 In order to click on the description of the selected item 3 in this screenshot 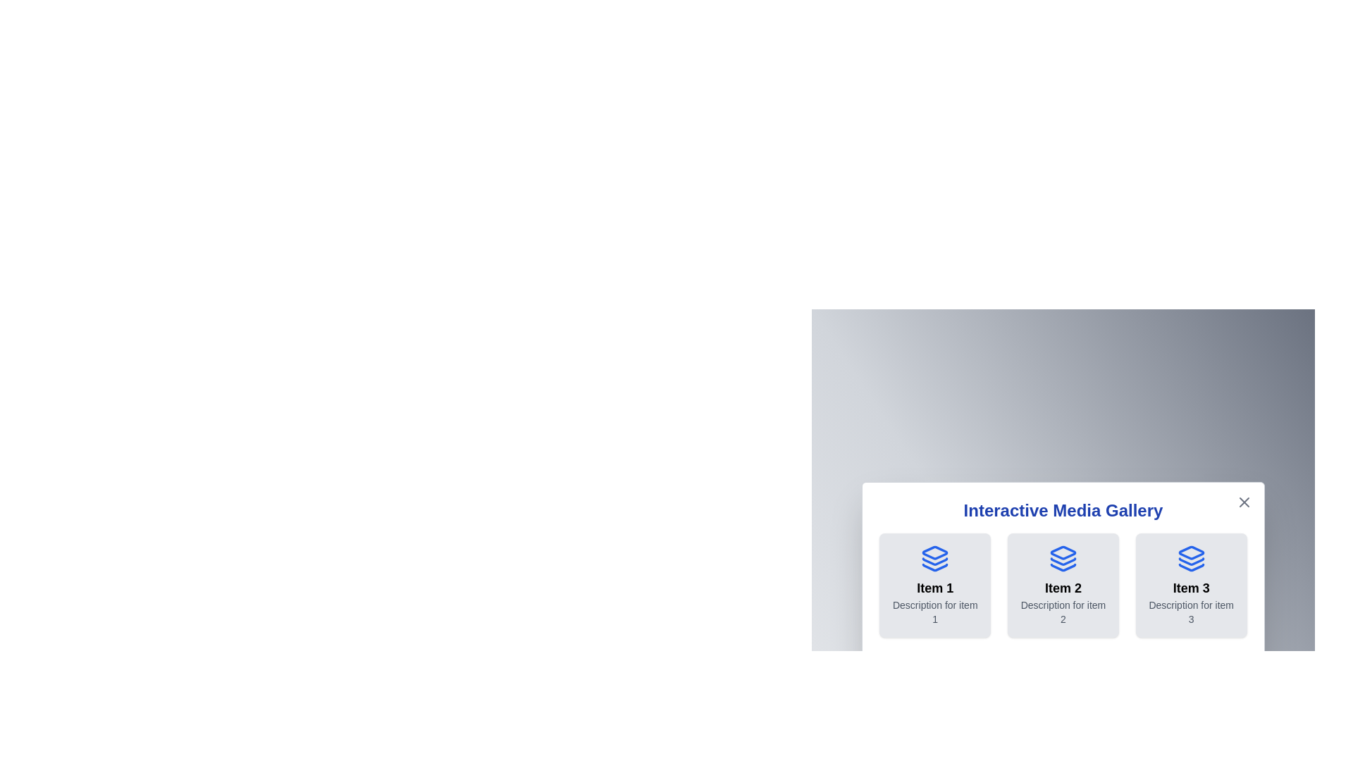, I will do `click(1190, 611)`.